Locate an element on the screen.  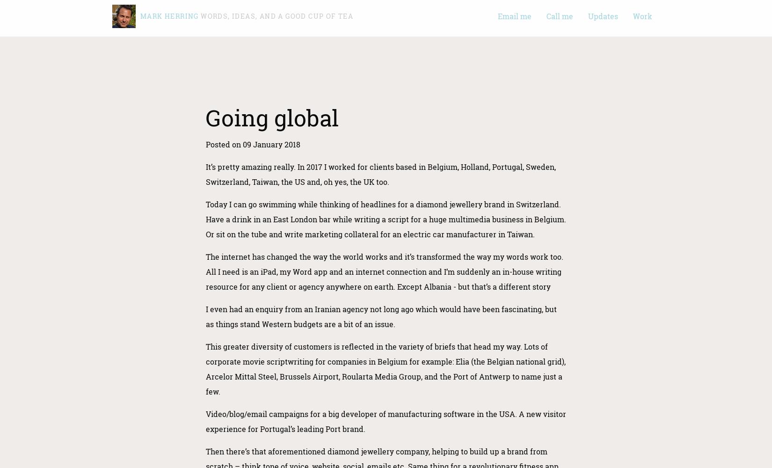
'This greater diversity of customers is reflected in the variety of briefs that head my way. Lots of corporate movie scriptwriting for companies in Belgium for example: Elia (the Belgian national grid), Arcelor Mittal Steel, Brussels Airport, Roularta Media Group, and the Port of Antwerp to name just a few.' is located at coordinates (205, 369).